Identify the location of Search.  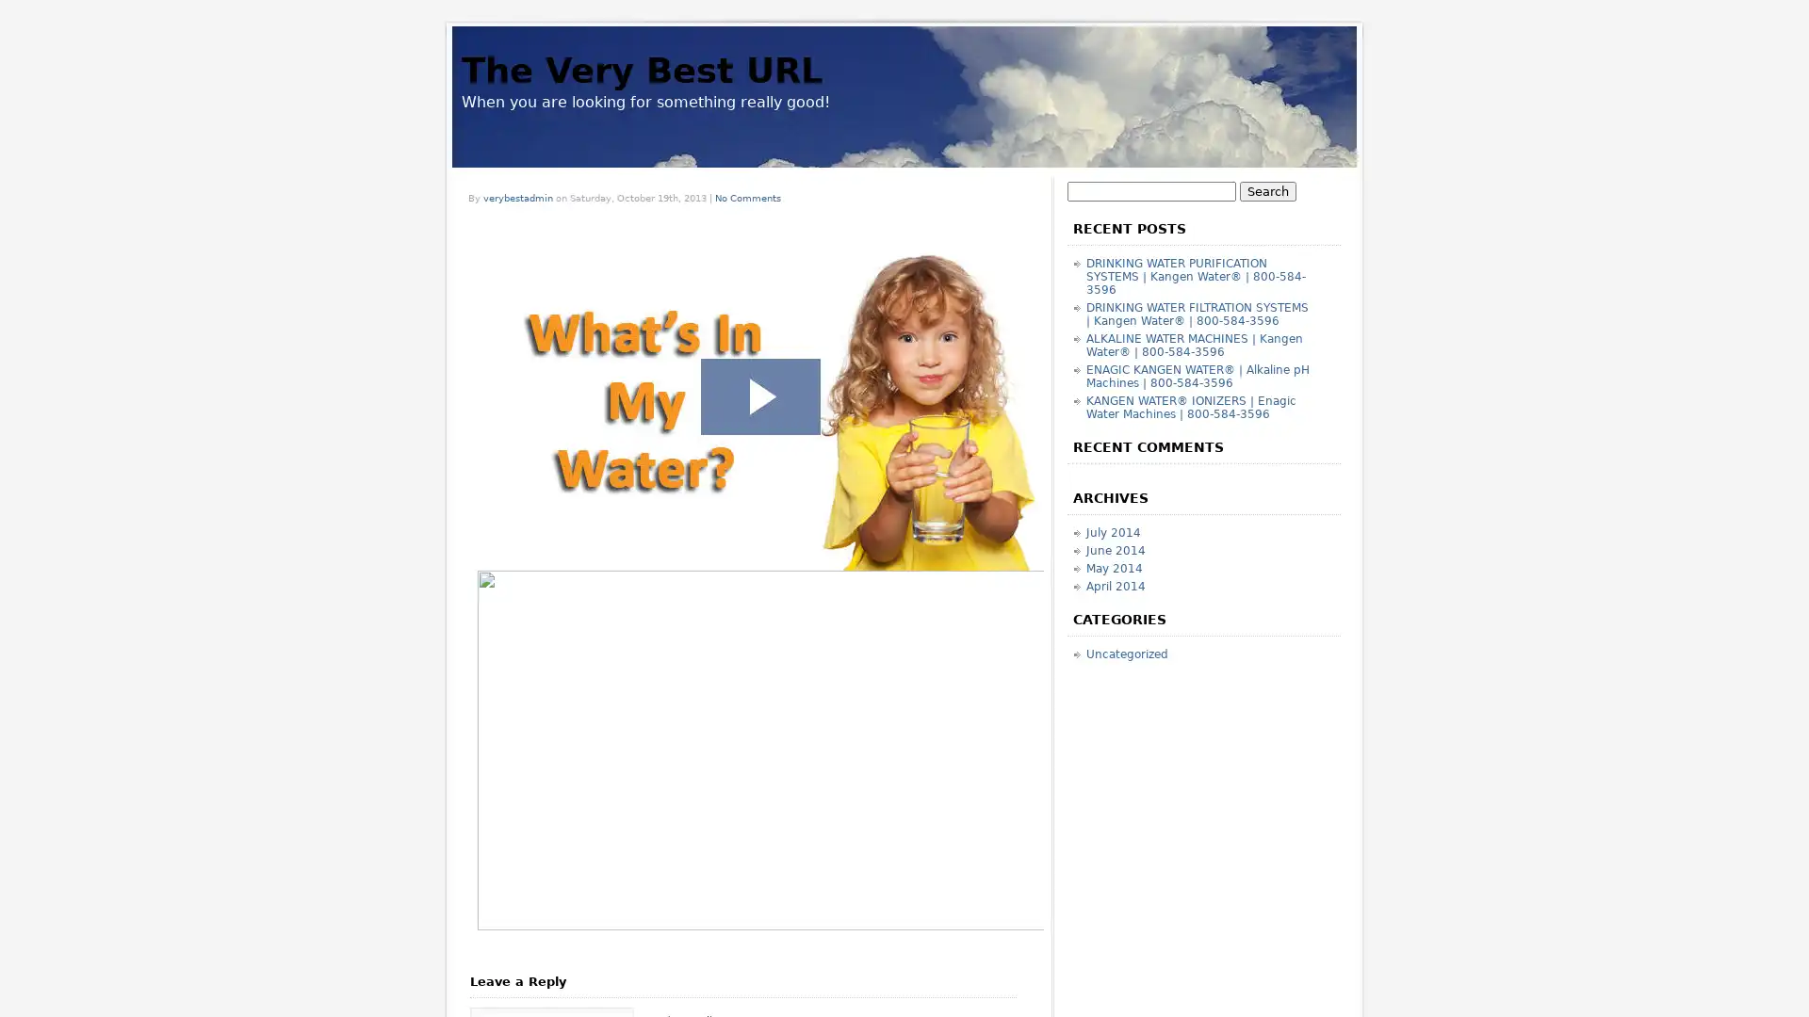
(1267, 191).